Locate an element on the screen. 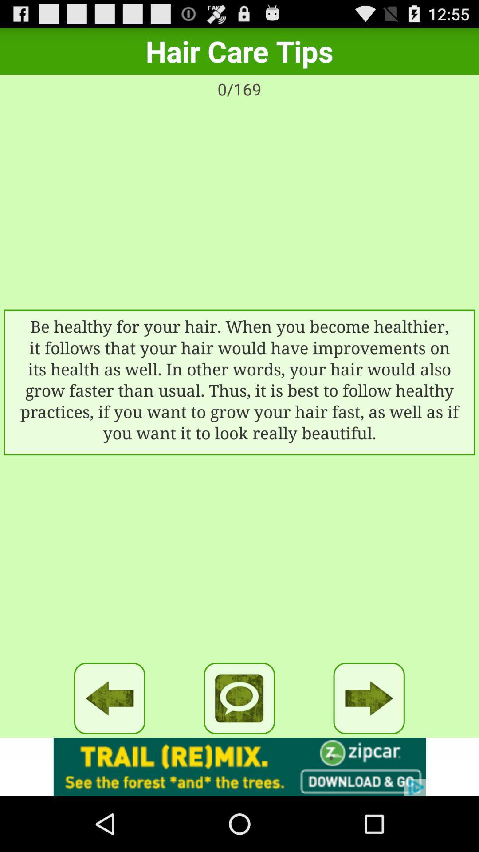 This screenshot has height=852, width=479. the arrow_backward icon is located at coordinates (109, 747).